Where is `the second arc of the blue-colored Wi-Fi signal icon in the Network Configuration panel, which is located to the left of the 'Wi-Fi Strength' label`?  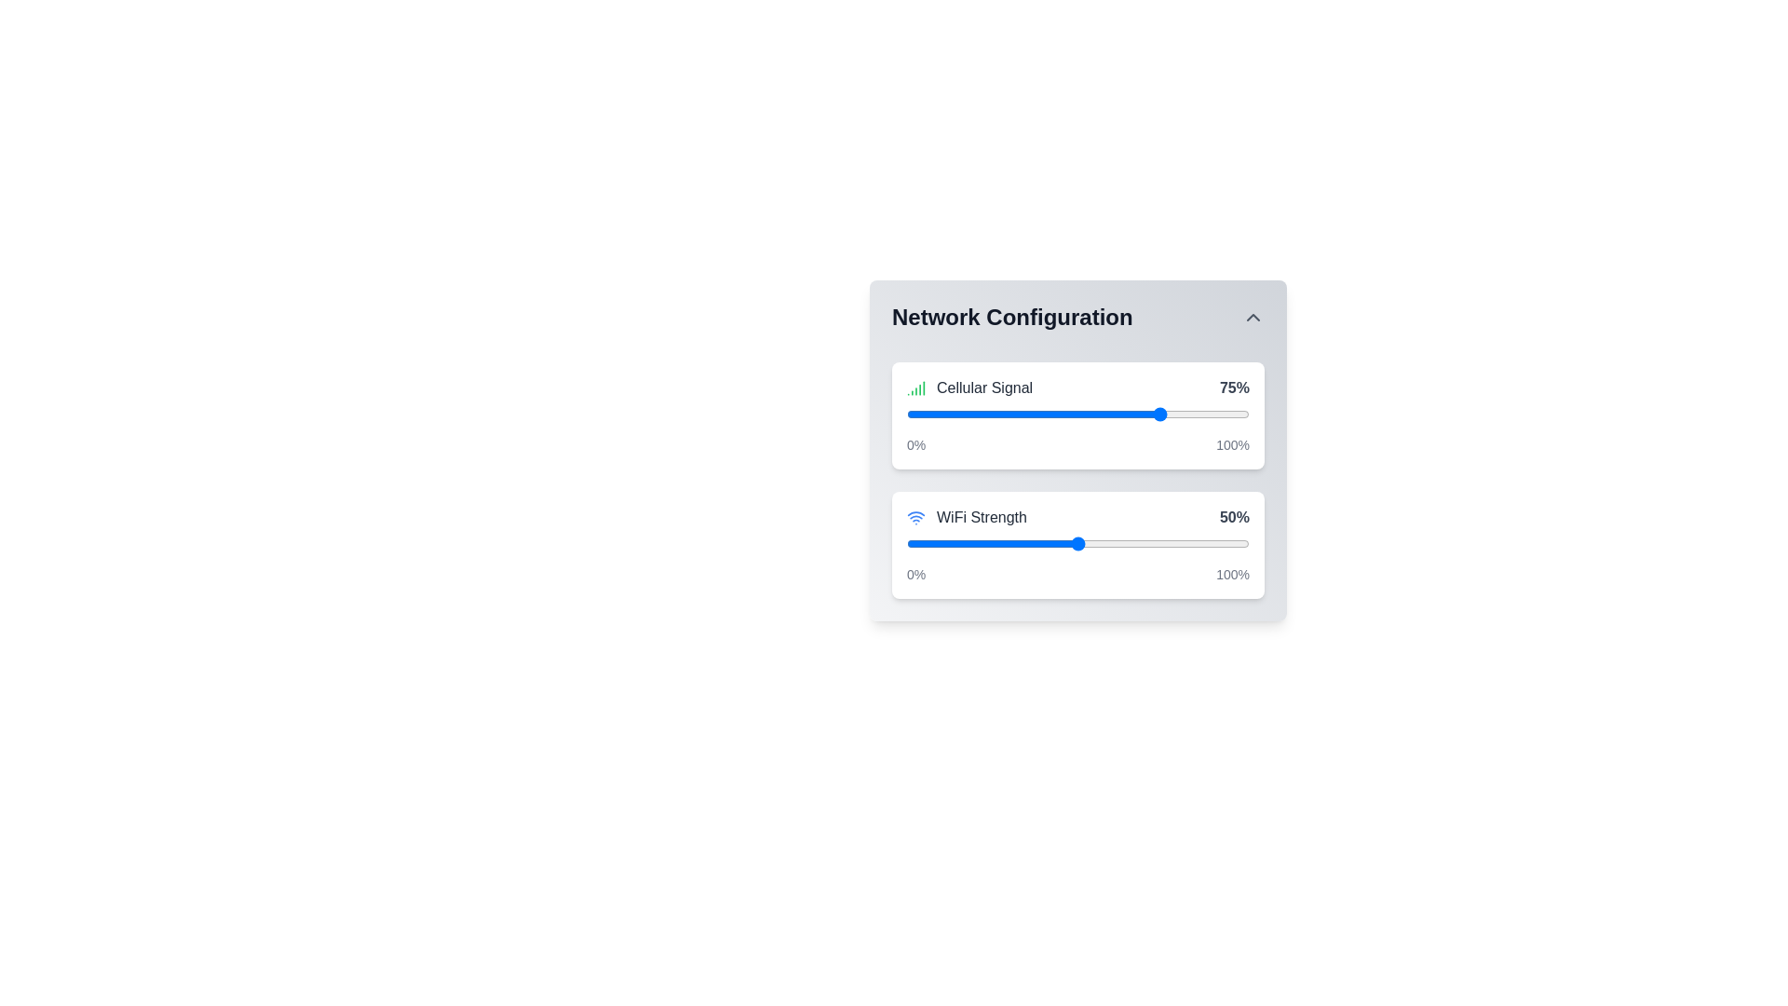
the second arc of the blue-colored Wi-Fi signal icon in the Network Configuration panel, which is located to the left of the 'Wi-Fi Strength' label is located at coordinates (915, 513).